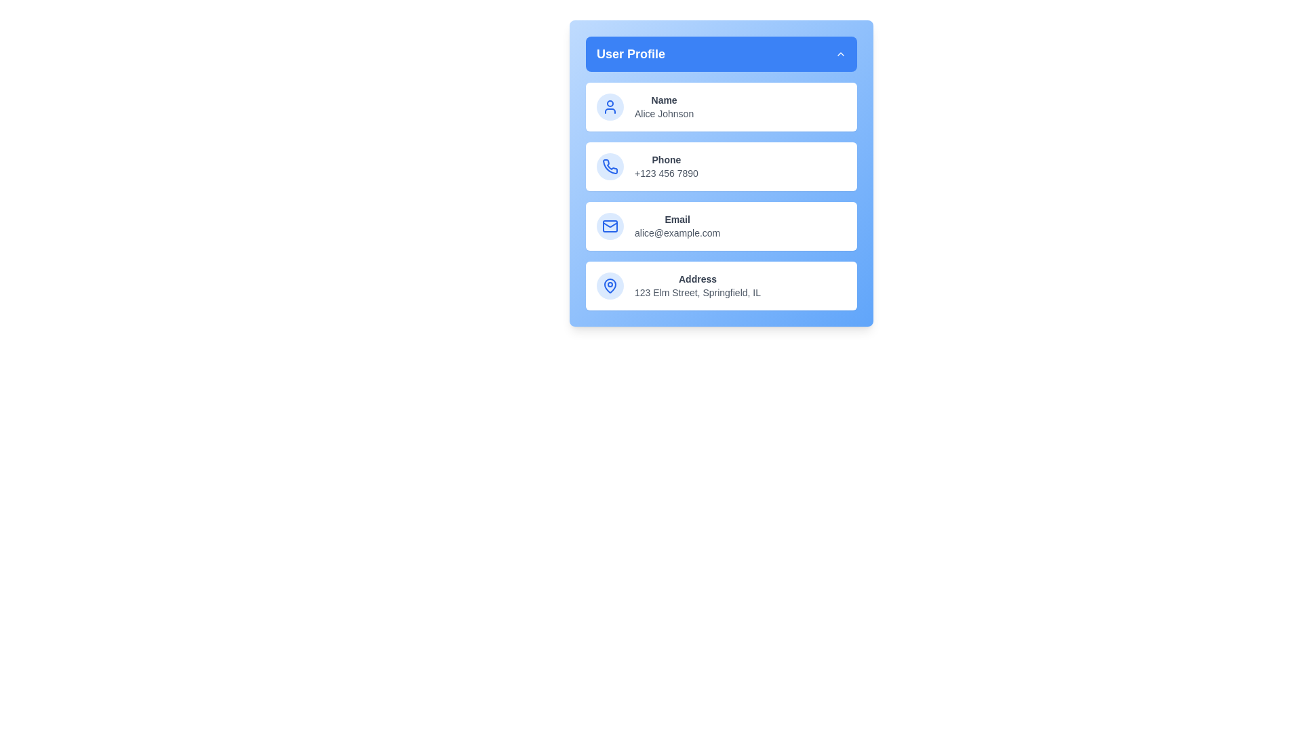 Image resolution: width=1302 pixels, height=732 pixels. What do you see at coordinates (610, 166) in the screenshot?
I see `the circular icon with a light blue background featuring a white phone symbol, located at the beginning of the 'Phone' row in the user profile card` at bounding box center [610, 166].